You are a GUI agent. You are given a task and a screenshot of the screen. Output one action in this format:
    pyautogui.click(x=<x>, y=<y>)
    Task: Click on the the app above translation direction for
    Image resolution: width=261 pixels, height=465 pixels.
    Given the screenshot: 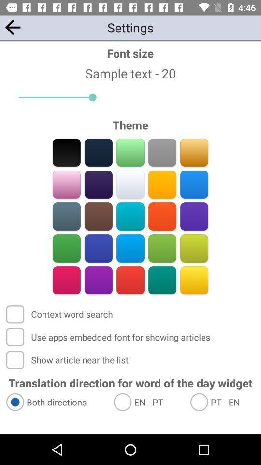 What is the action you would take?
    pyautogui.click(x=68, y=359)
    